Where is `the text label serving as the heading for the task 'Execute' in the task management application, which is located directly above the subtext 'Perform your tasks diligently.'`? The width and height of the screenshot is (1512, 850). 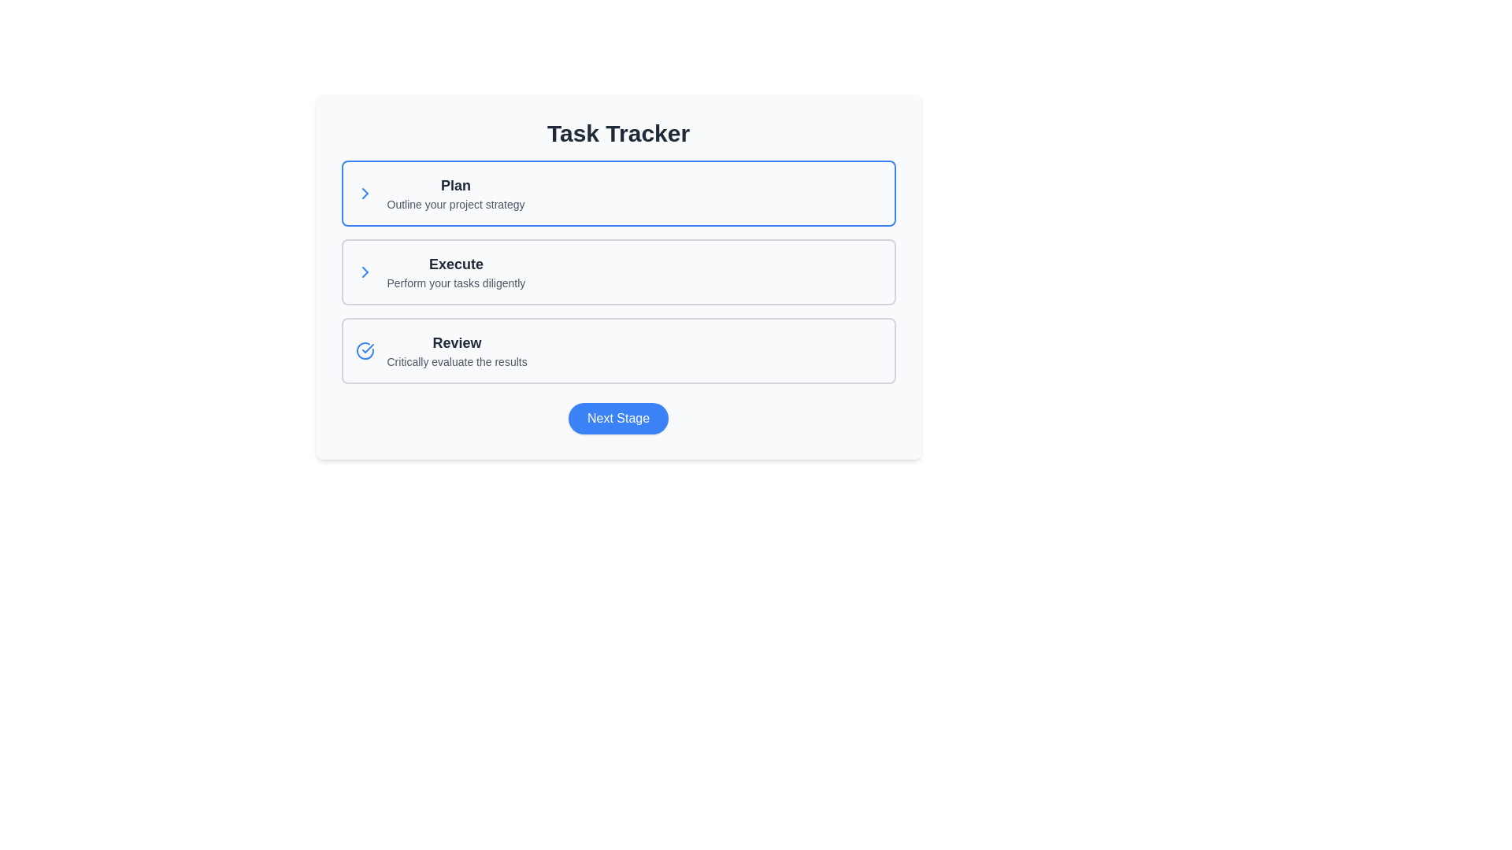
the text label serving as the heading for the task 'Execute' in the task management application, which is located directly above the subtext 'Perform your tasks diligently.' is located at coordinates (455, 263).